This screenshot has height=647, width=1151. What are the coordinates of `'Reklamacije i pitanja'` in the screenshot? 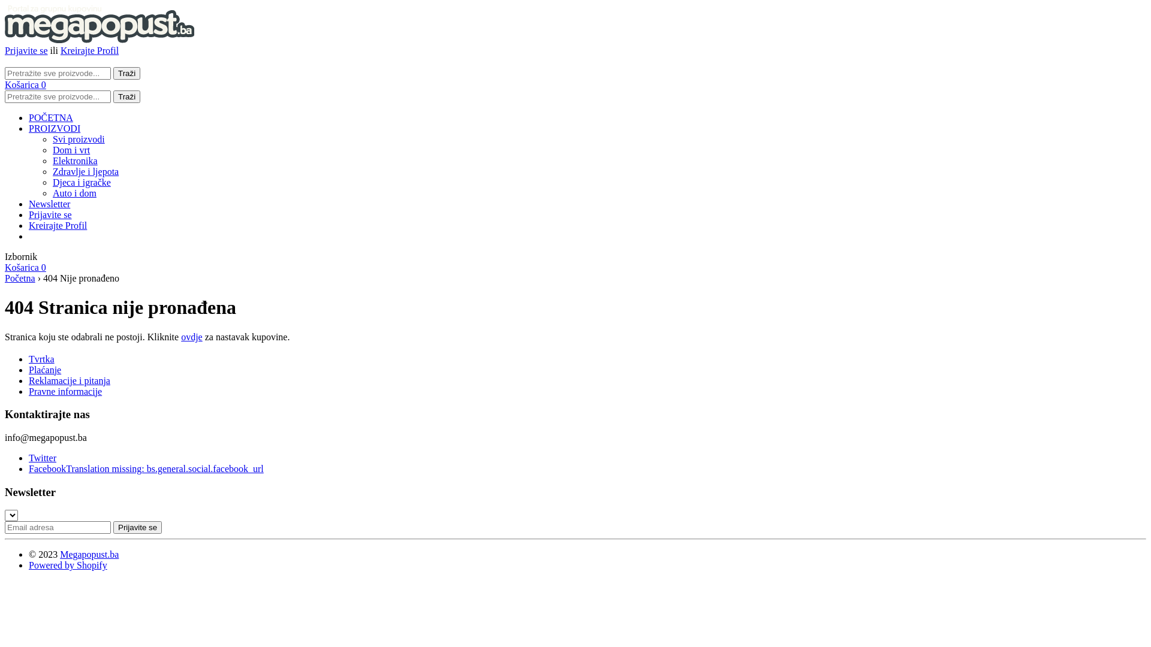 It's located at (68, 380).